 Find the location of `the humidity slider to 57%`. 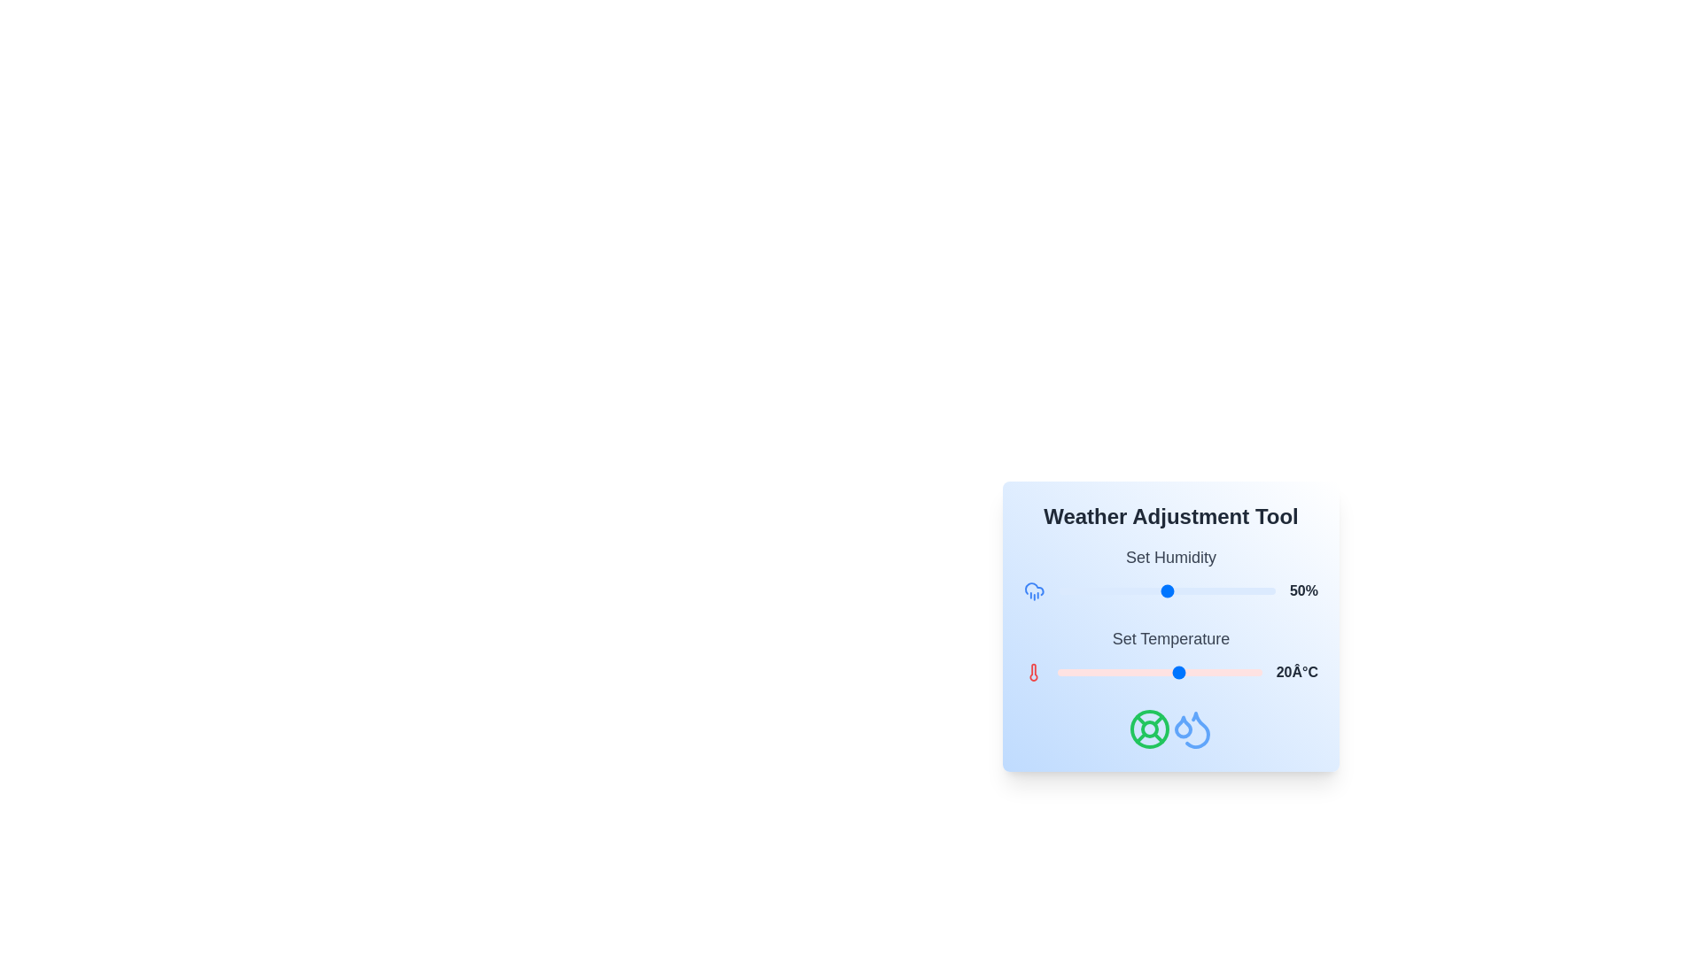

the humidity slider to 57% is located at coordinates (1182, 590).